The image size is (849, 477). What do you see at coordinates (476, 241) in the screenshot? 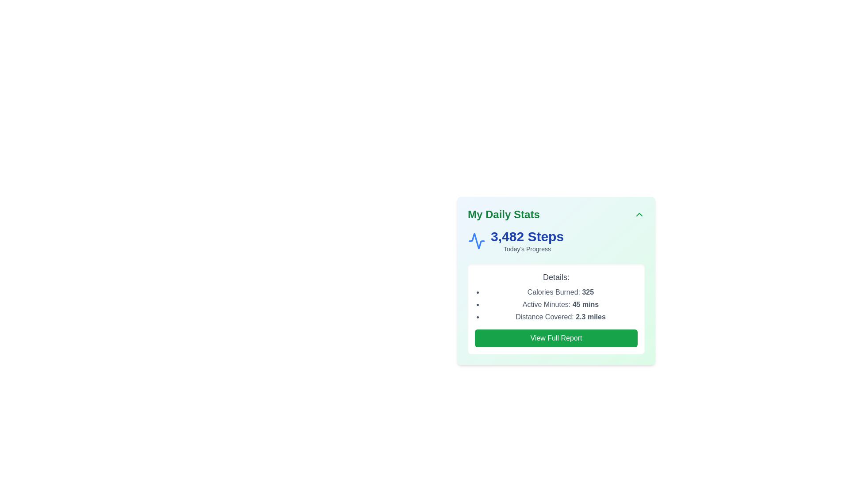
I see `the activity statistics icon located at the top-left corner of the 'My Daily Stats' card, positioned to the left of the '3,482 Steps' text` at bounding box center [476, 241].